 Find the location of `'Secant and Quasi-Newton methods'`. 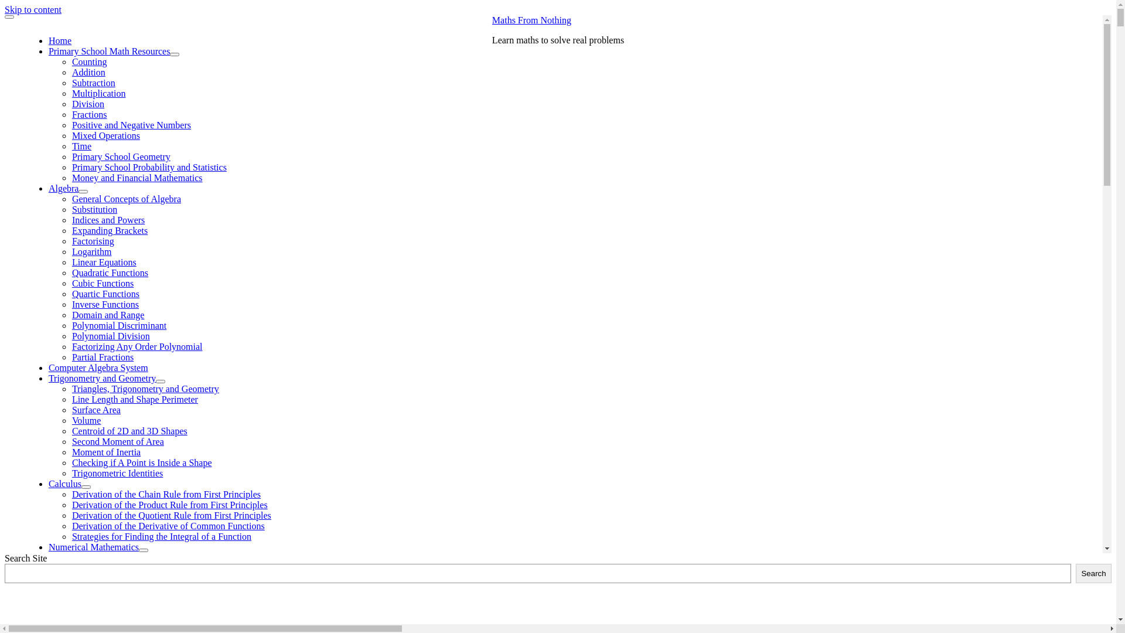

'Secant and Quasi-Newton methods' is located at coordinates (161, 578).